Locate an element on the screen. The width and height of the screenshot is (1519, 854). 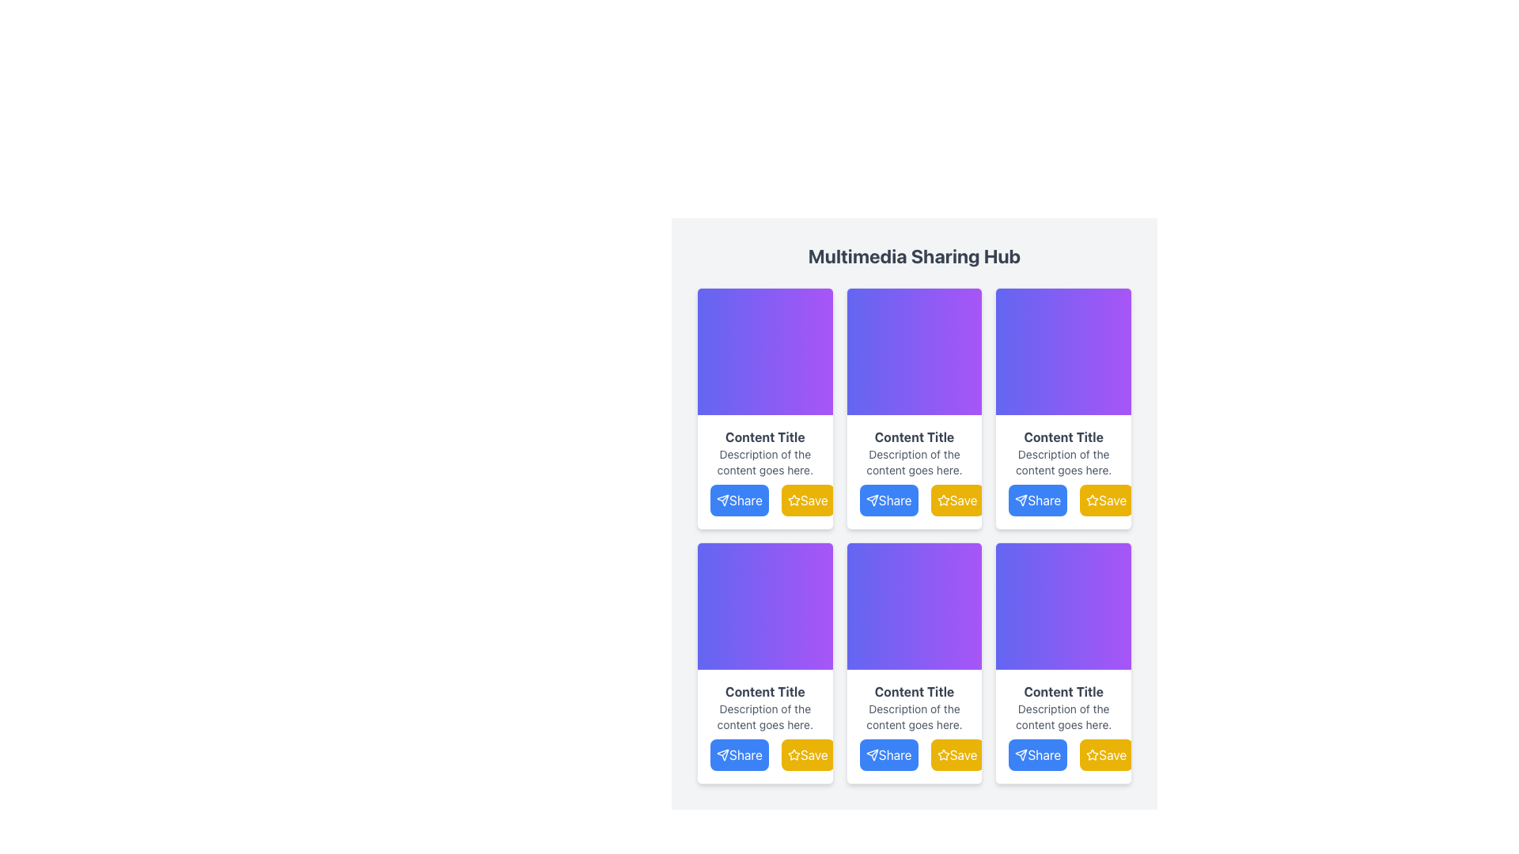
the yellow star icon representing the 'Save' feature using keyboard navigation is located at coordinates (943, 500).